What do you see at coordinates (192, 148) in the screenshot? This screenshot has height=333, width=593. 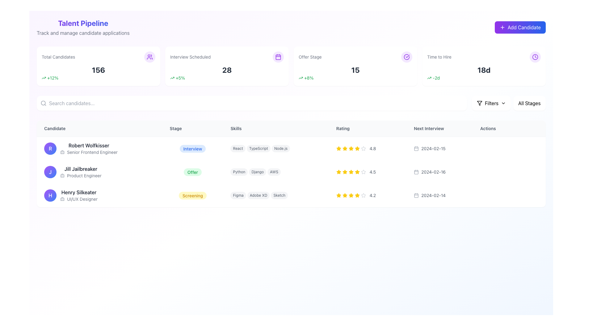 I see `the 'Interview' stage label in the 'Stage' column for the candidate Robert Wolfkisser` at bounding box center [192, 148].